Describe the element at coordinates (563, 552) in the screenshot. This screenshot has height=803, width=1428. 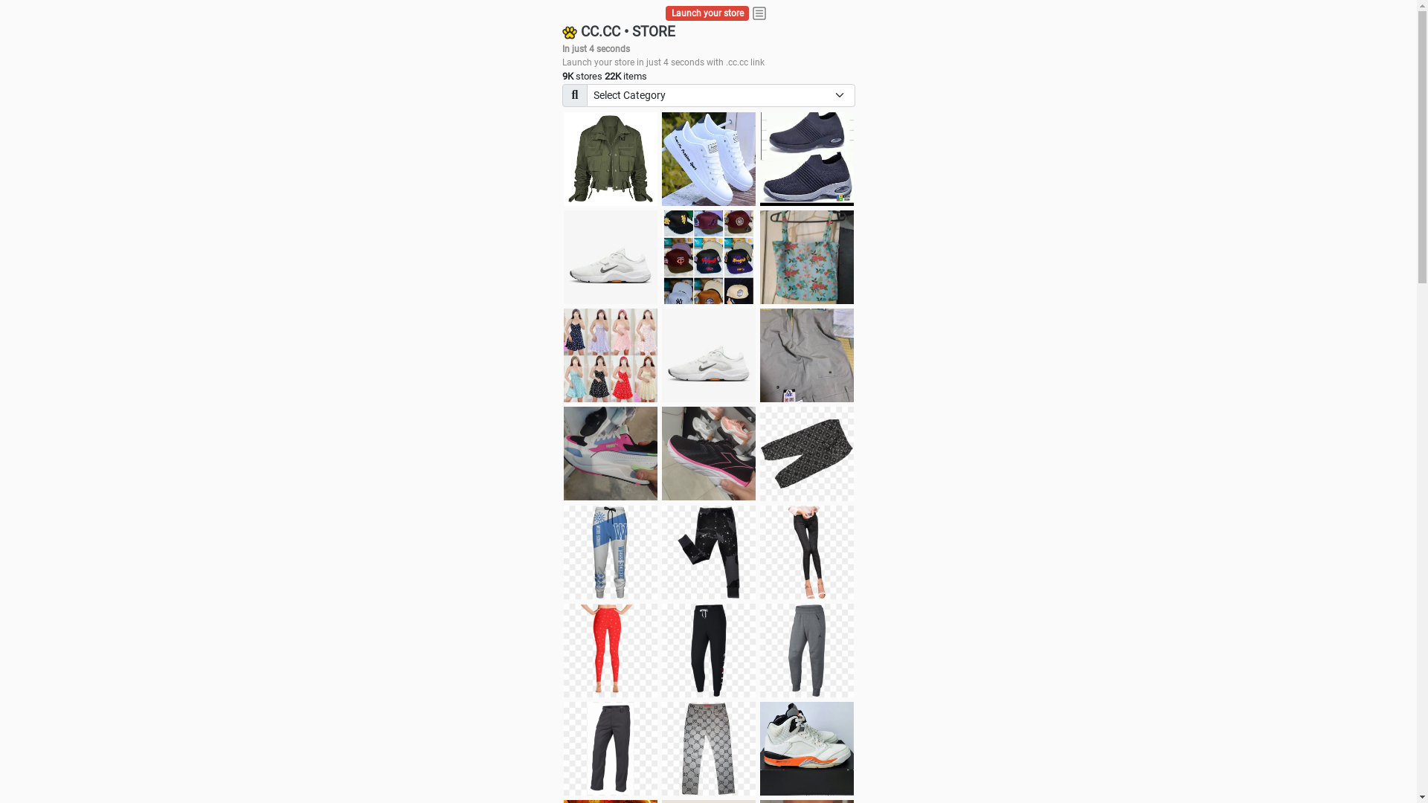
I see `'Pant'` at that location.